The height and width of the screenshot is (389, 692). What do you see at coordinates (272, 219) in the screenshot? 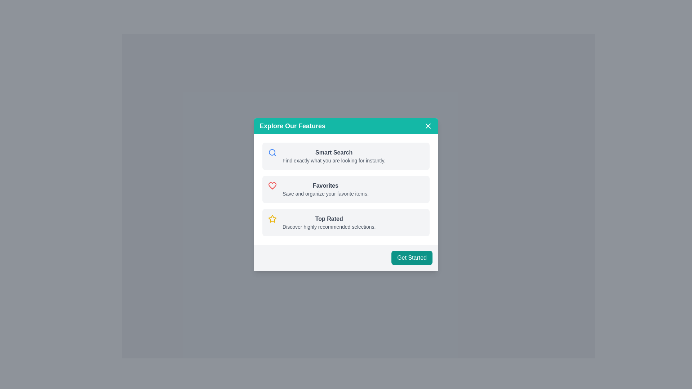
I see `the star-shaped icon with a yellow outline located to the left of the text 'Top Rated' in the modal` at bounding box center [272, 219].